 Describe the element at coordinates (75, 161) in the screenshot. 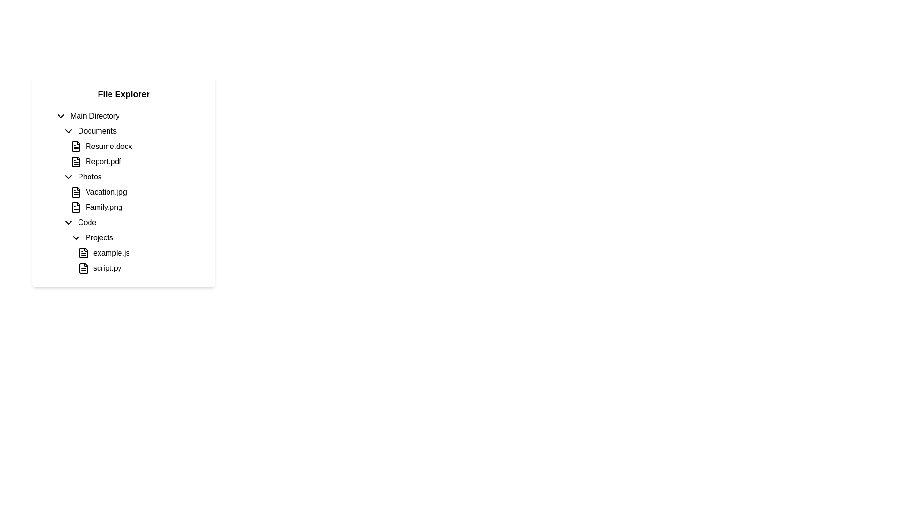

I see `the PDF document icon representing 'Report.pdf' located in the file explorer under the 'Documents' section` at that location.